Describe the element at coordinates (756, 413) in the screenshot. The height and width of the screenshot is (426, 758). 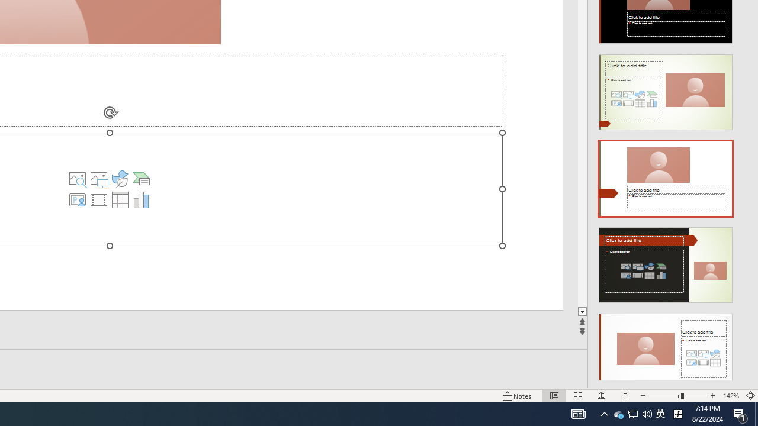
I see `'Show desktop'` at that location.